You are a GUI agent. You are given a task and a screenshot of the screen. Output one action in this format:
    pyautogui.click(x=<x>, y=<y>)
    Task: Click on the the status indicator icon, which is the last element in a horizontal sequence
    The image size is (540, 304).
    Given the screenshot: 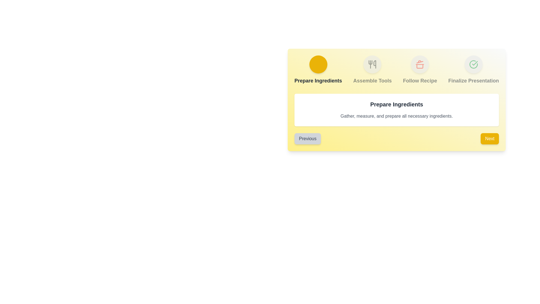 What is the action you would take?
    pyautogui.click(x=473, y=70)
    